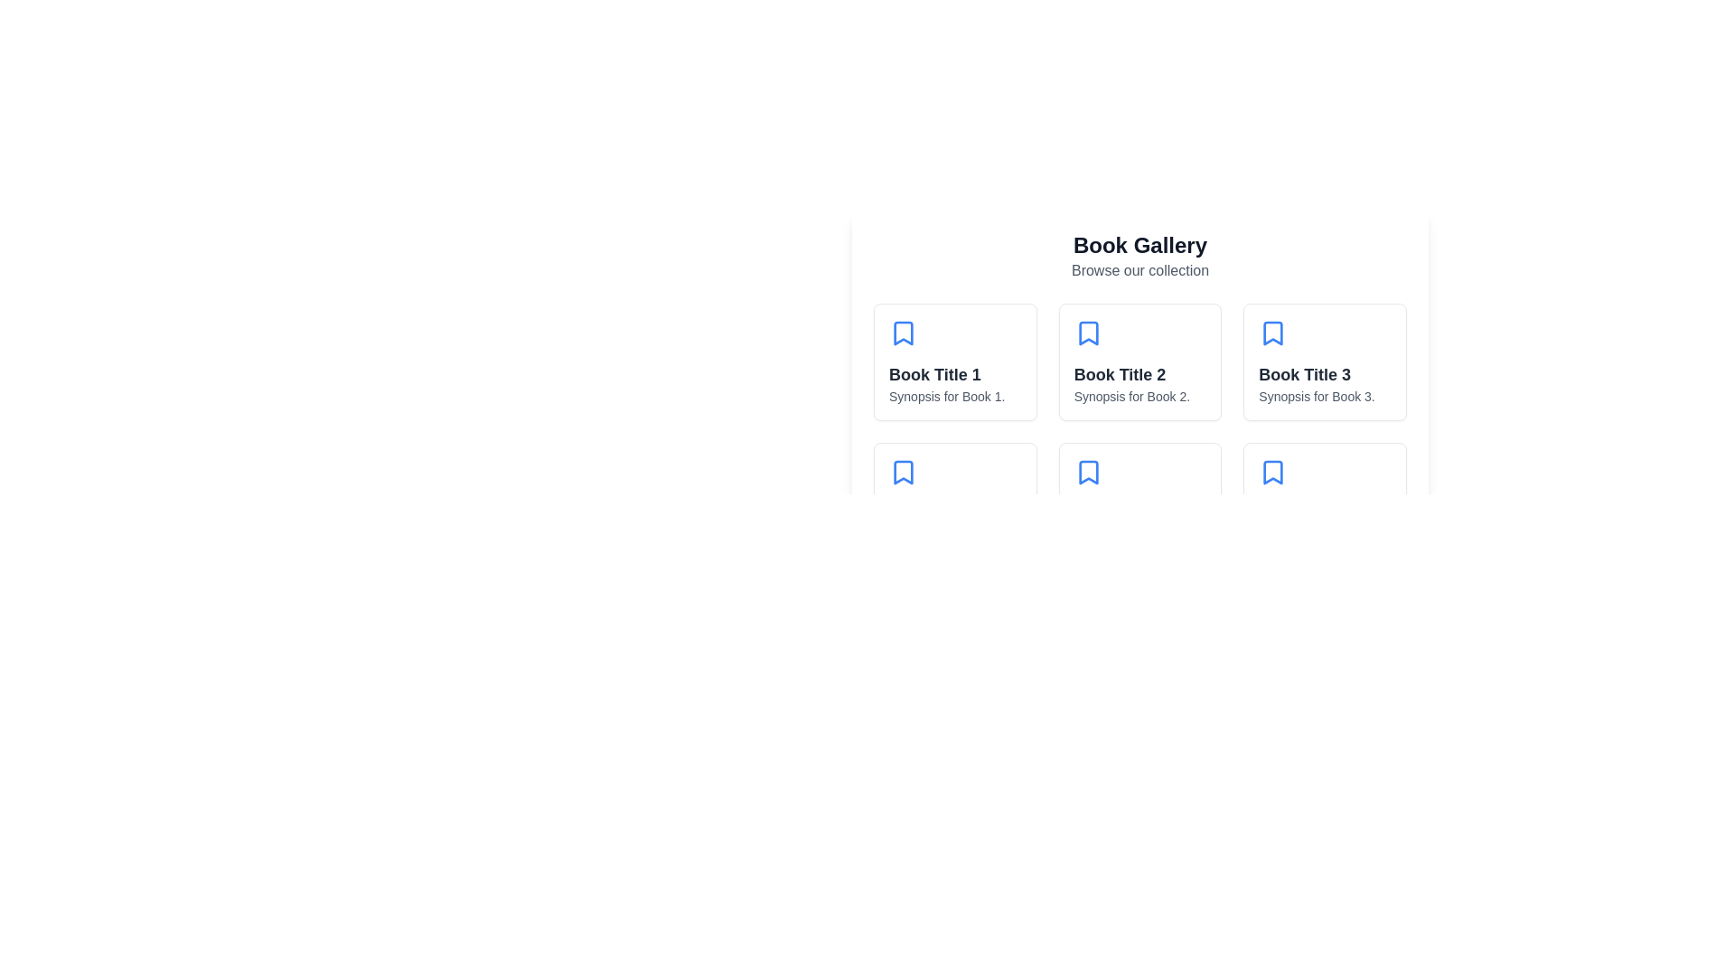  What do you see at coordinates (1087, 333) in the screenshot?
I see `the blue bookmark icon located above the text 'Book Title 2' to bookmark it` at bounding box center [1087, 333].